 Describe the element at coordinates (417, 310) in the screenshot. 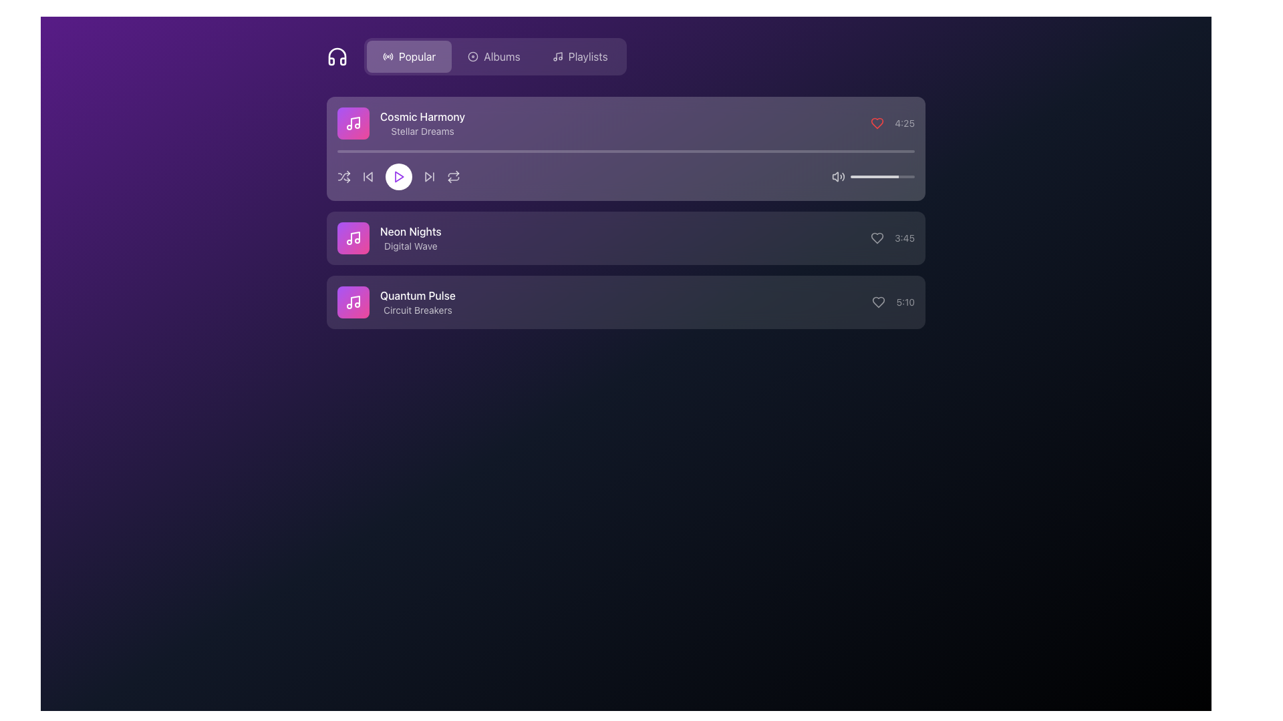

I see `the text label 'Circuit Breakers', which is styled with a smaller font size and semi-transparent white text, located beneath the larger label 'Quantum Pulse' in the third entry of the playlist` at that location.